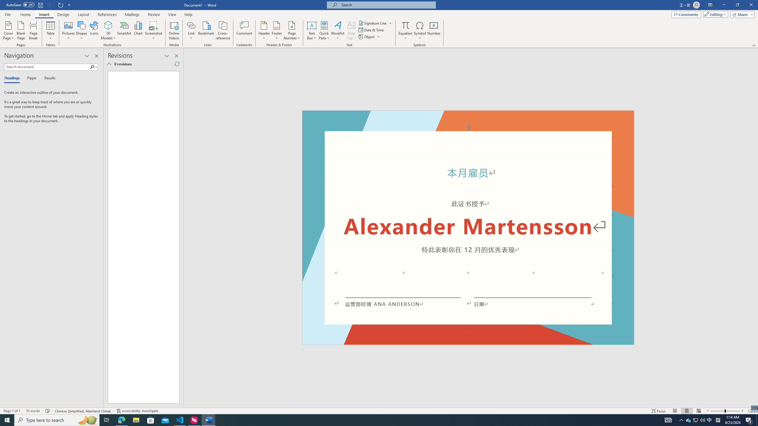 Image resolution: width=758 pixels, height=426 pixels. What do you see at coordinates (714, 14) in the screenshot?
I see `'Mode'` at bounding box center [714, 14].